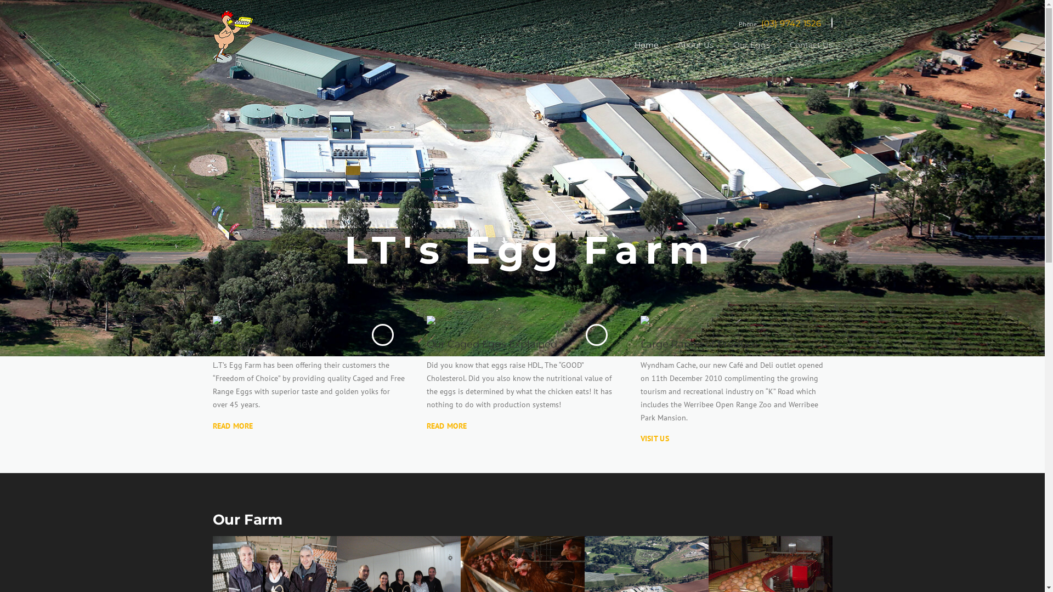 Image resolution: width=1053 pixels, height=592 pixels. I want to click on 'About Us', so click(695, 53).